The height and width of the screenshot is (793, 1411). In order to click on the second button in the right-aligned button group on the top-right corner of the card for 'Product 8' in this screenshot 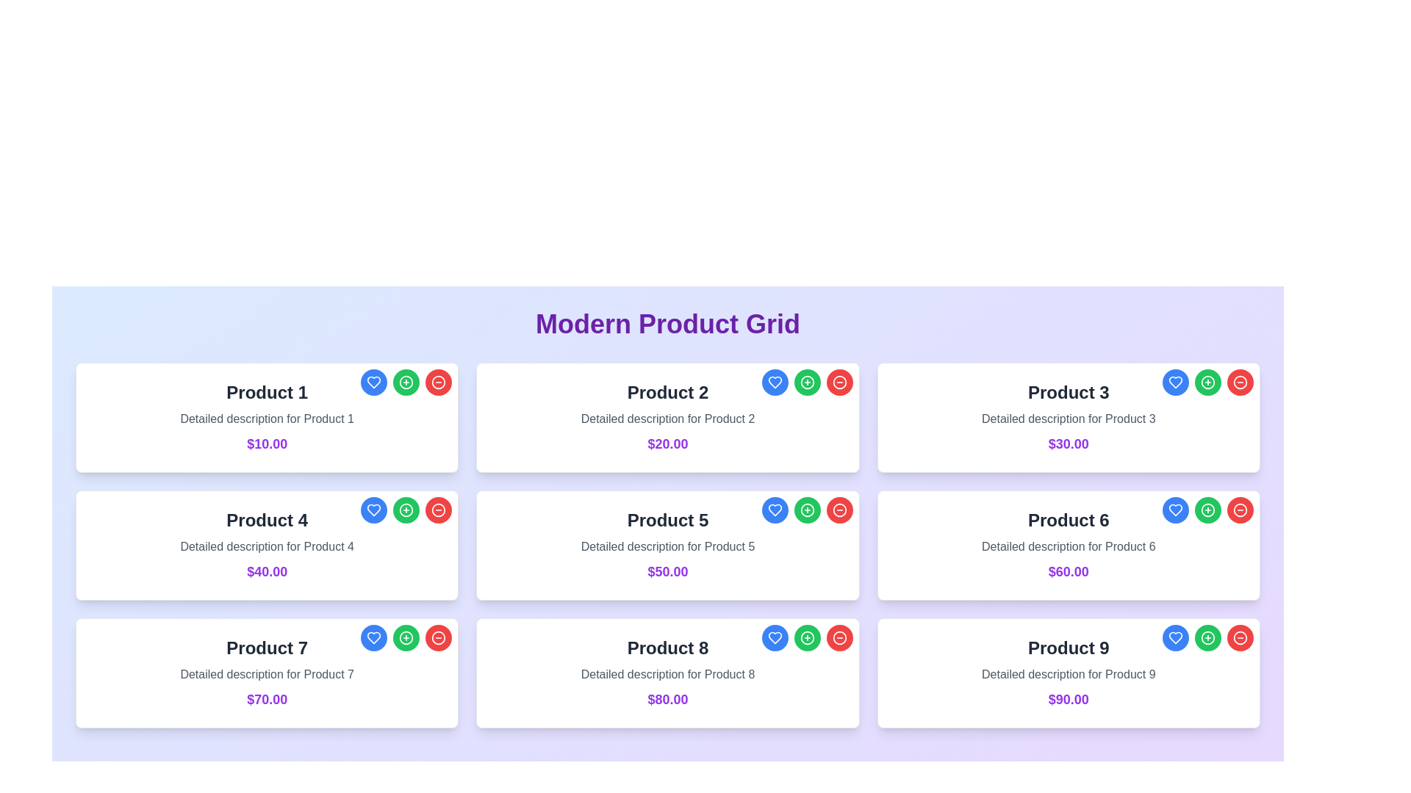, I will do `click(806, 637)`.